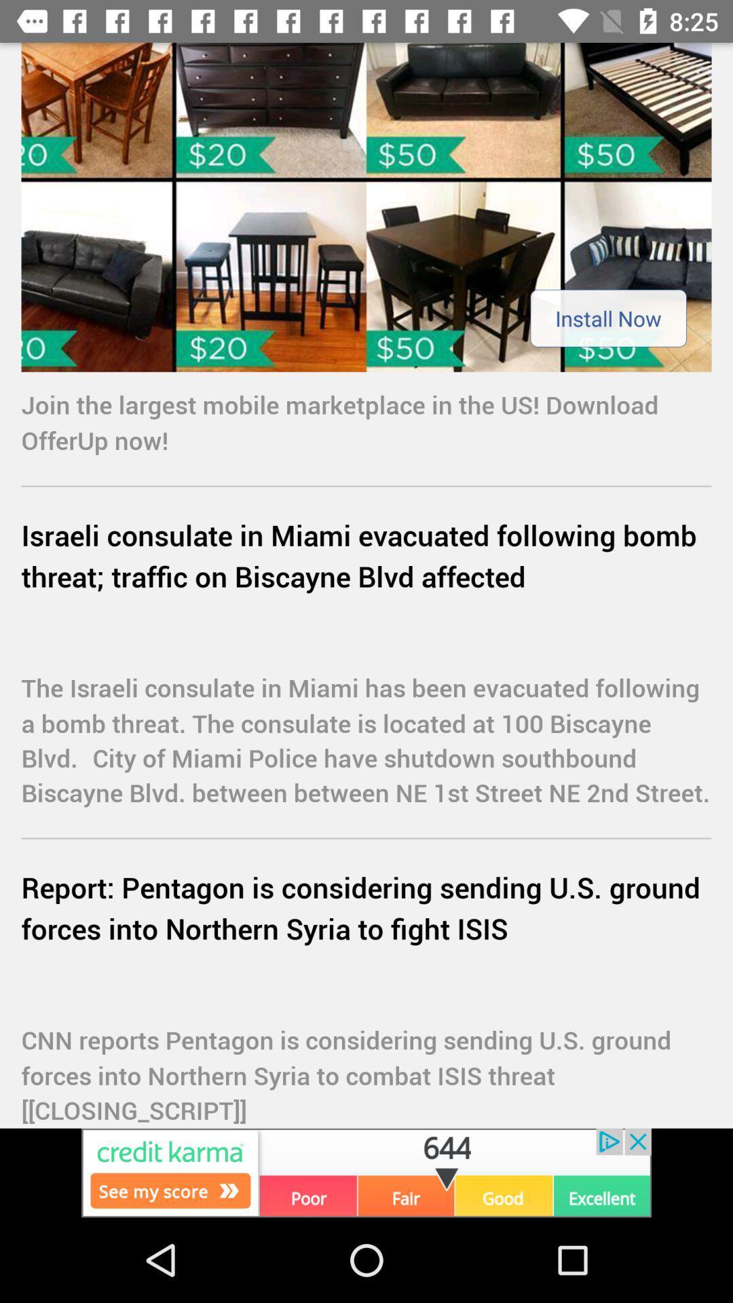 Image resolution: width=733 pixels, height=1303 pixels. What do you see at coordinates (366, 206) in the screenshot?
I see `advatisment` at bounding box center [366, 206].